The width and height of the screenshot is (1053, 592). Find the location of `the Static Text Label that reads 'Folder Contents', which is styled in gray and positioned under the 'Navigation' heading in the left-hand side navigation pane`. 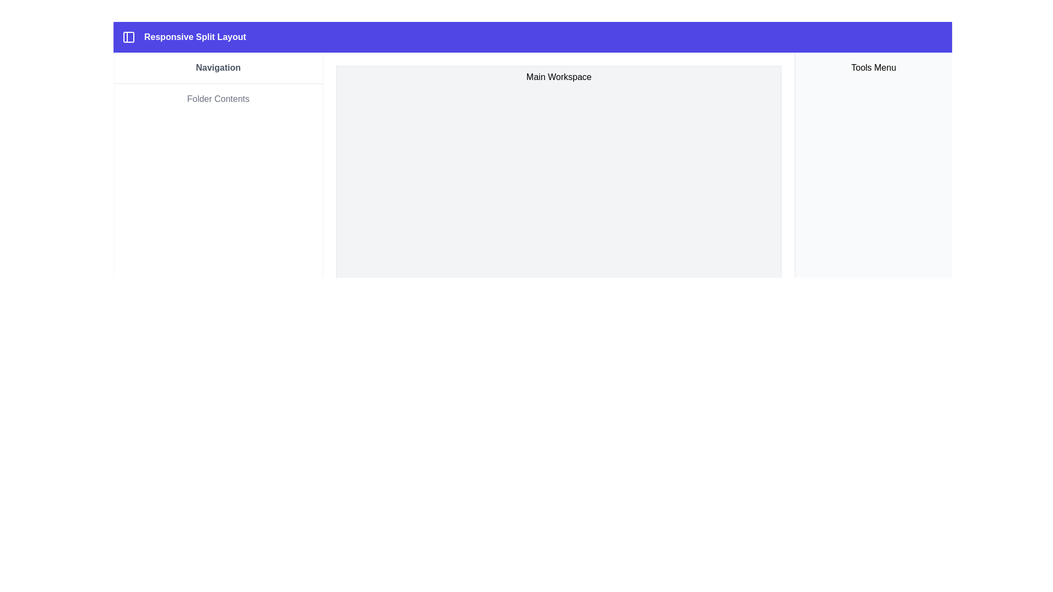

the Static Text Label that reads 'Folder Contents', which is styled in gray and positioned under the 'Navigation' heading in the left-hand side navigation pane is located at coordinates (218, 99).